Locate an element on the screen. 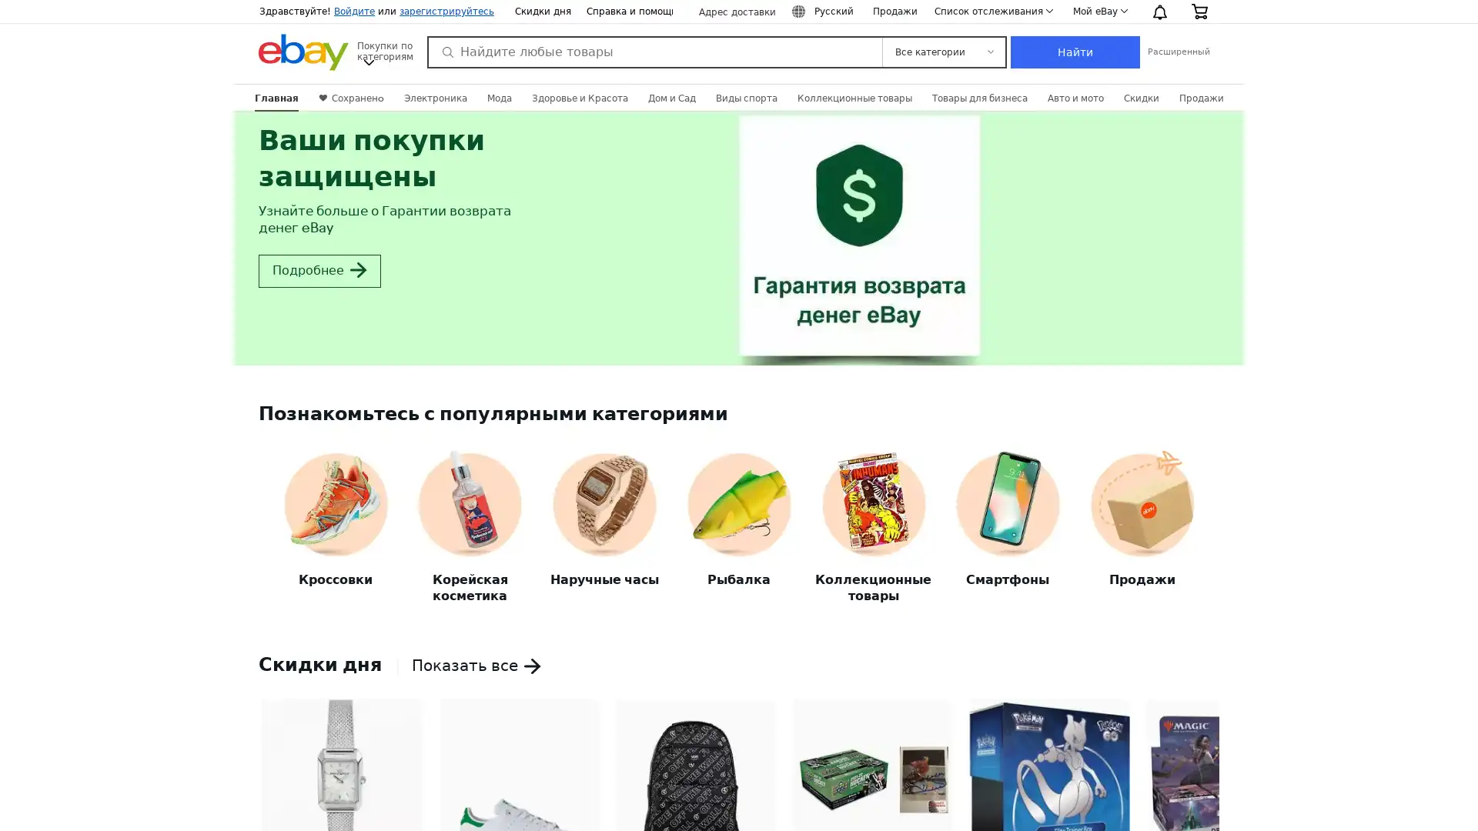 The width and height of the screenshot is (1478, 831). - is located at coordinates (1206, 799).